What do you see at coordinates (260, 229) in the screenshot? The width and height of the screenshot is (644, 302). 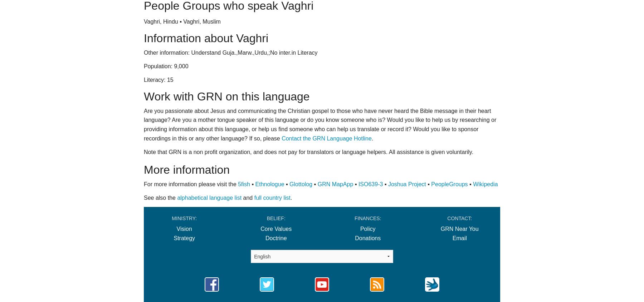 I see `'Core Values'` at bounding box center [260, 229].